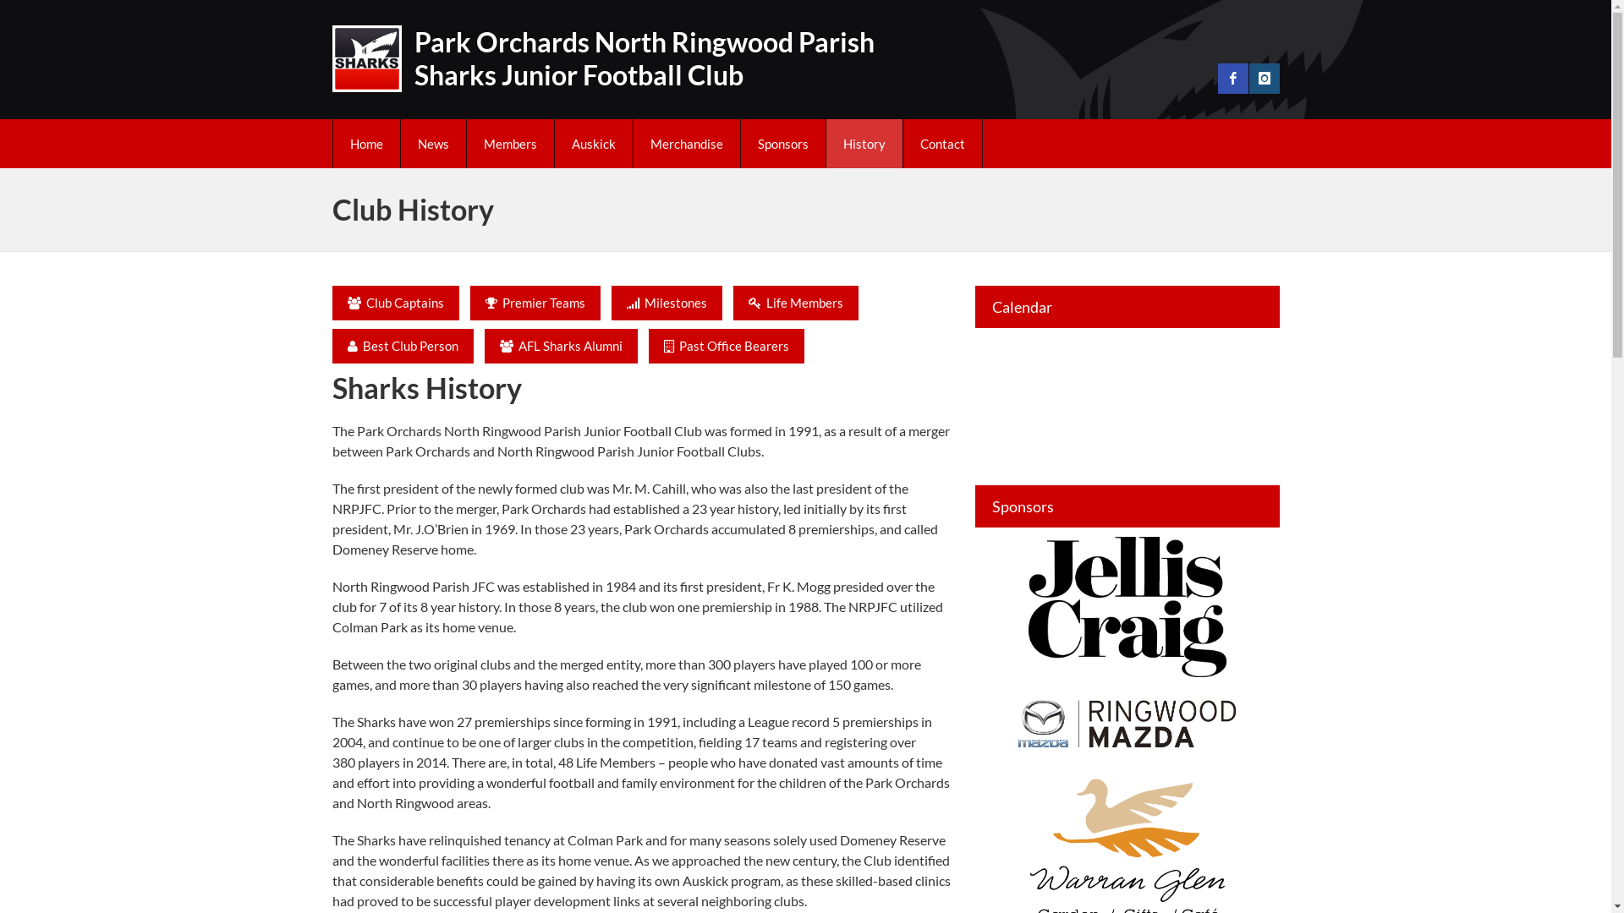  I want to click on '  AFL Sharks Alumni', so click(482, 345).